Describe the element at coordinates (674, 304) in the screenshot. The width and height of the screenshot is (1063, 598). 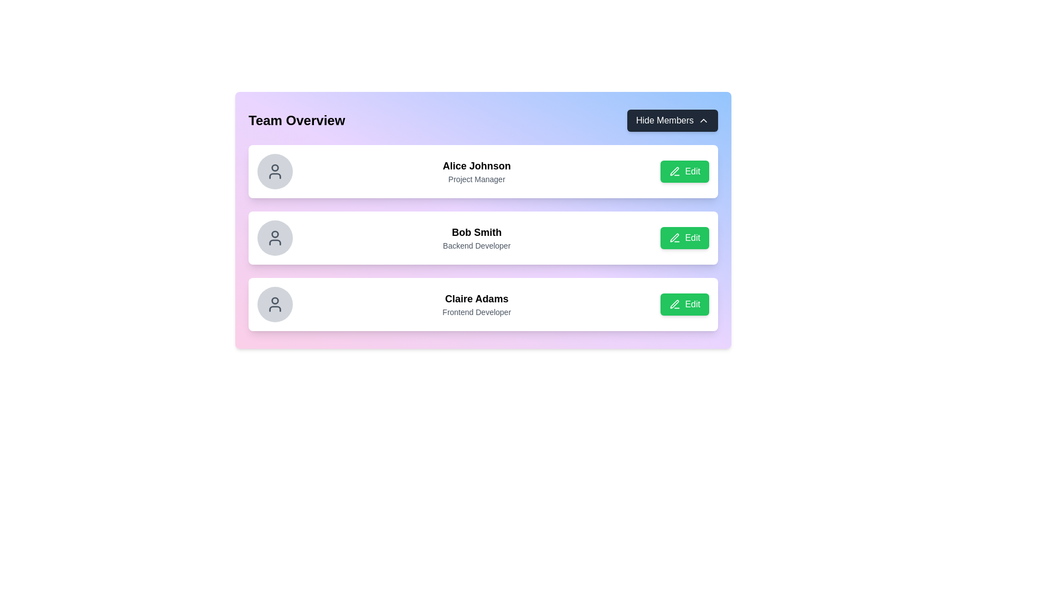
I see `the graphical representation of the pen-shaped icon located within the green 'Edit' button for the profile item 'Claire Adams - Frontend Developer'` at that location.